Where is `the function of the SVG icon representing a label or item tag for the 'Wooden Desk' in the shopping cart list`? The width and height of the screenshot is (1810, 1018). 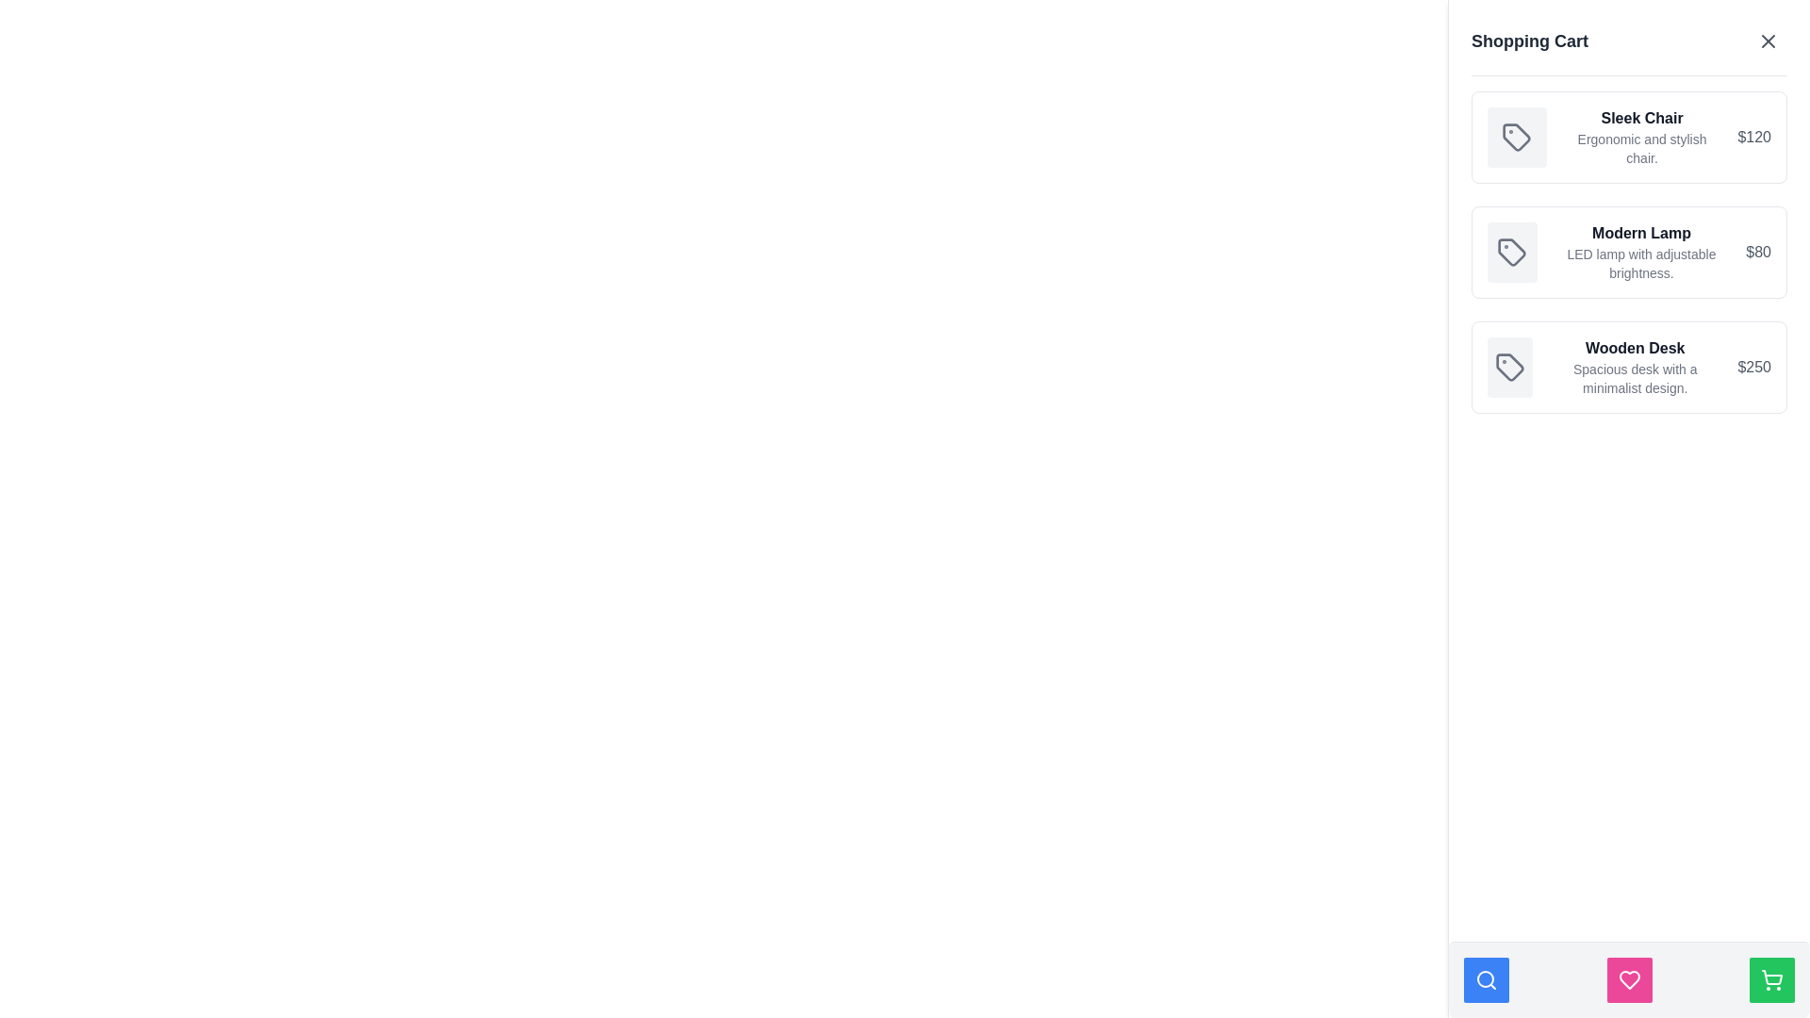 the function of the SVG icon representing a label or item tag for the 'Wooden Desk' in the shopping cart list is located at coordinates (1510, 367).